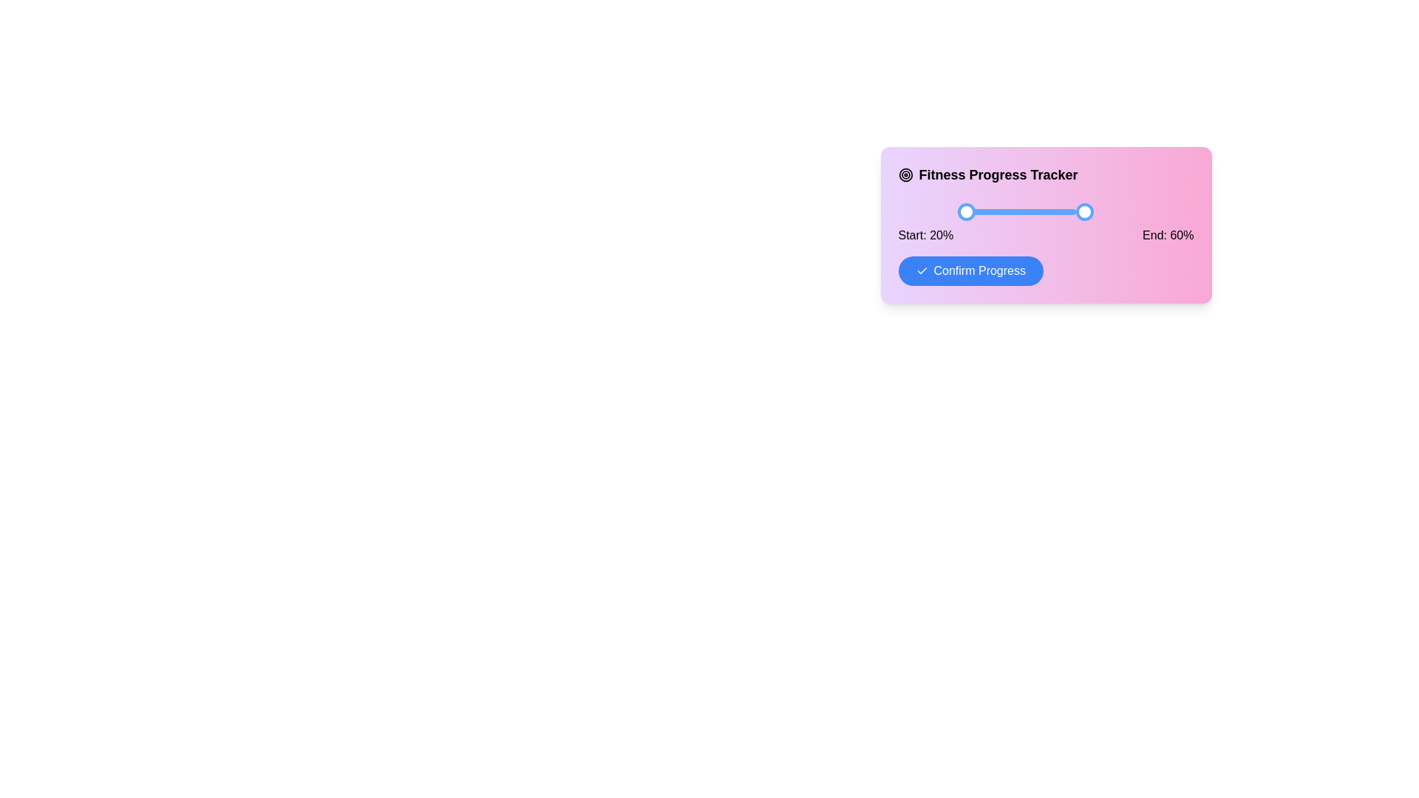  What do you see at coordinates (921, 270) in the screenshot?
I see `checkmark icon located within the 'Confirm Progress' button, which has a blue background and rounded corners` at bounding box center [921, 270].